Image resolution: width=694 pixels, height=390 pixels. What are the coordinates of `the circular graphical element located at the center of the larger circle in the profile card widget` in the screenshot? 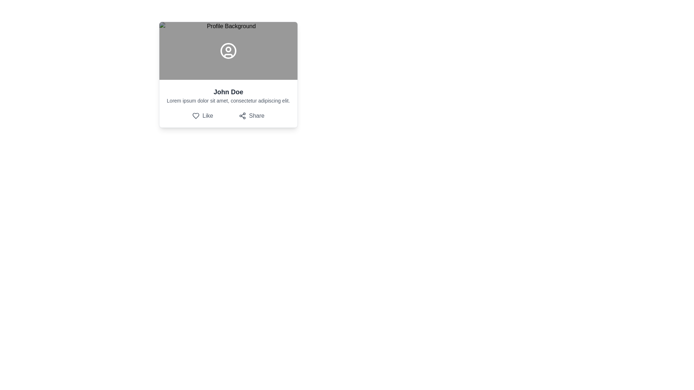 It's located at (228, 49).